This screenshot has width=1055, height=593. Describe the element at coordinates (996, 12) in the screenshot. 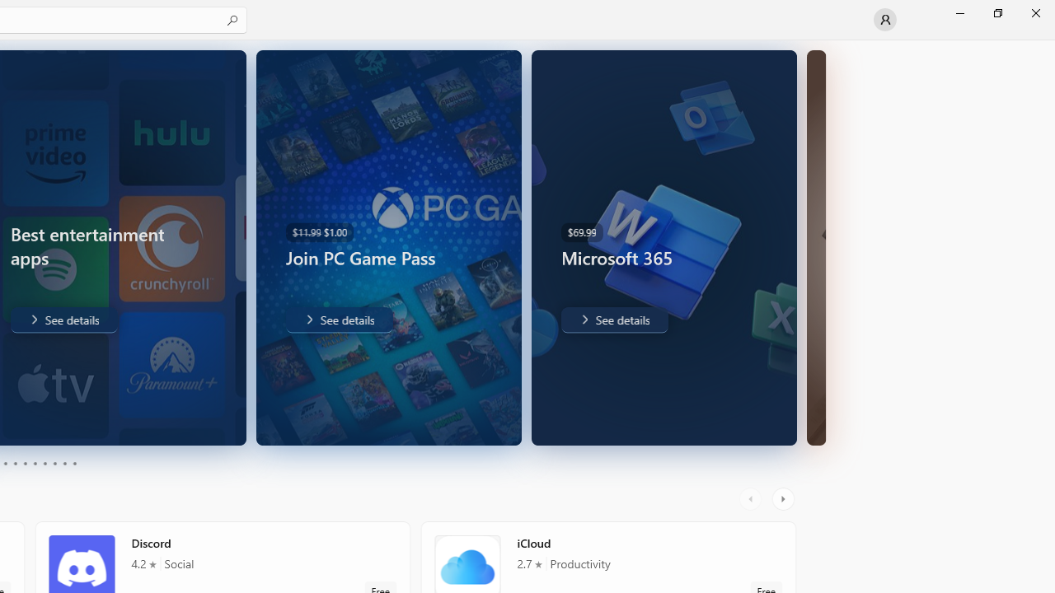

I see `'Restore Microsoft Store'` at that location.